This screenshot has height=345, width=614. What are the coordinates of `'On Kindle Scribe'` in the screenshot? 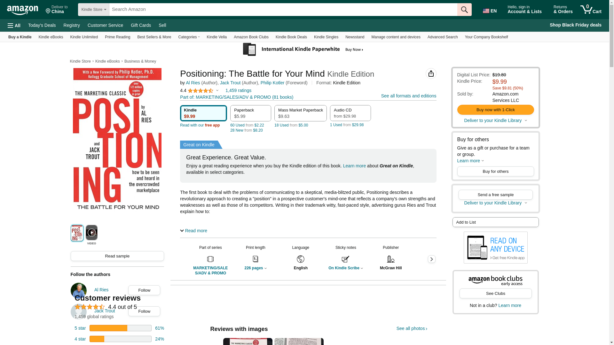 It's located at (345, 268).